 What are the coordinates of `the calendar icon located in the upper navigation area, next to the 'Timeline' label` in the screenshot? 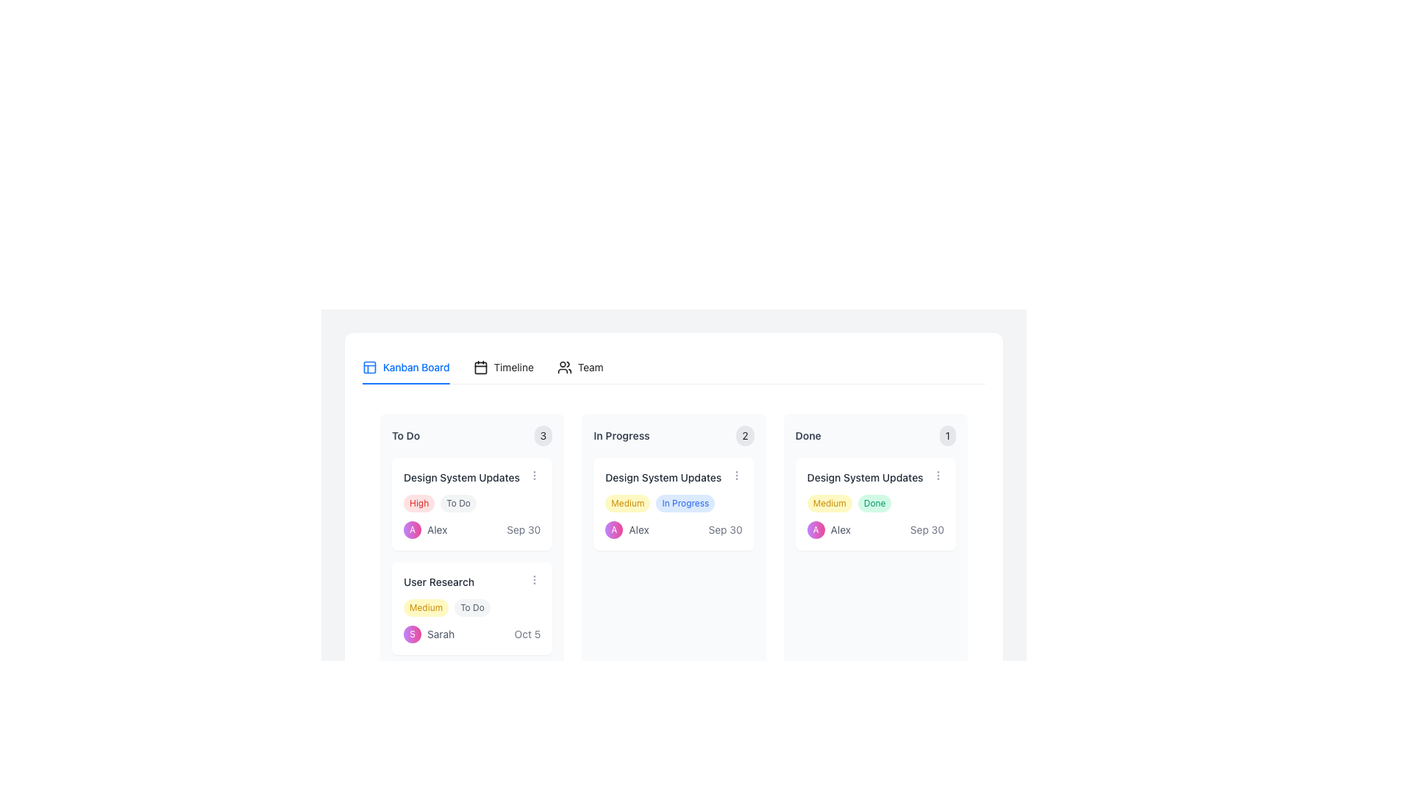 It's located at (480, 367).